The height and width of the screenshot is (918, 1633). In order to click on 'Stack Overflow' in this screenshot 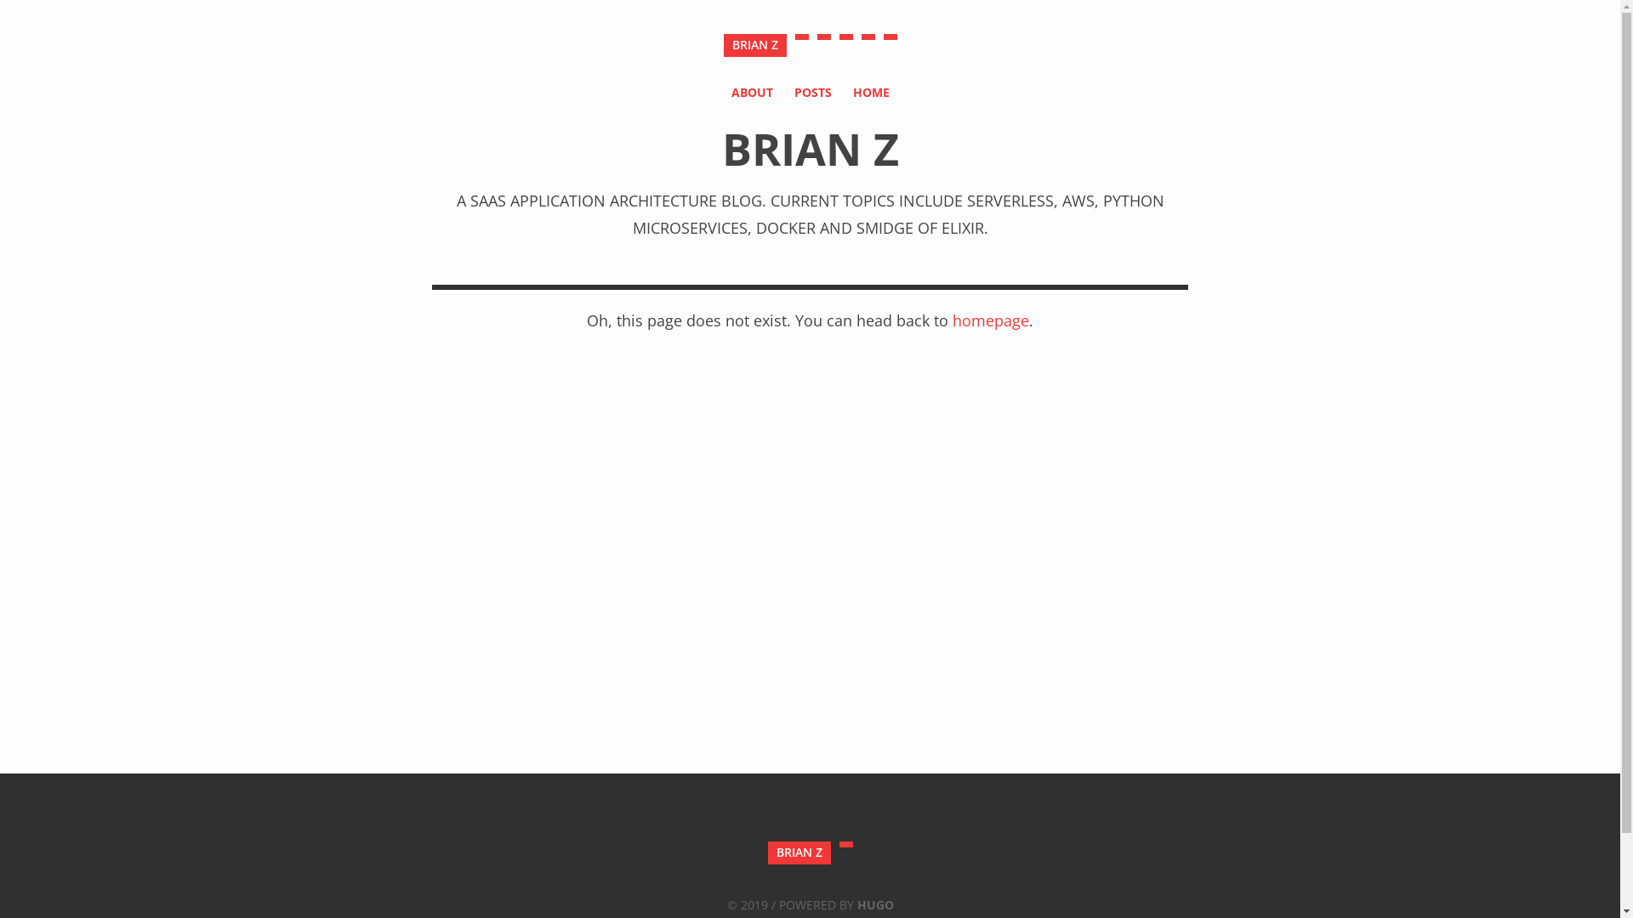, I will do `click(867, 37)`.